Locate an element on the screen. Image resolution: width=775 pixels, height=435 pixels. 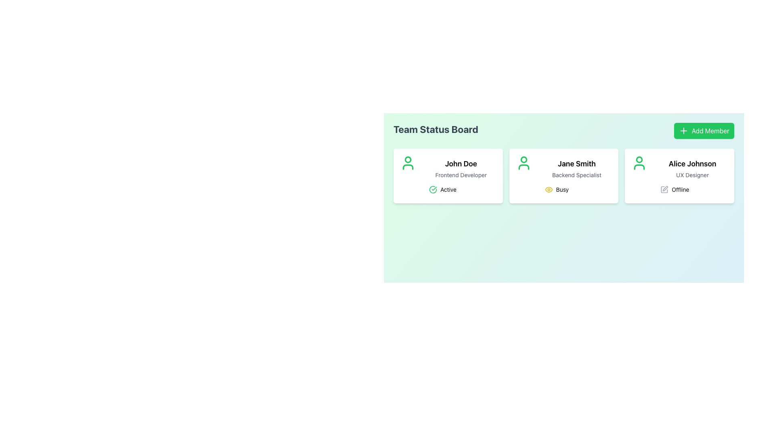
the name on the Profile Card located at the last position in the horizontally arranged list of cards to get more details is located at coordinates (692, 175).